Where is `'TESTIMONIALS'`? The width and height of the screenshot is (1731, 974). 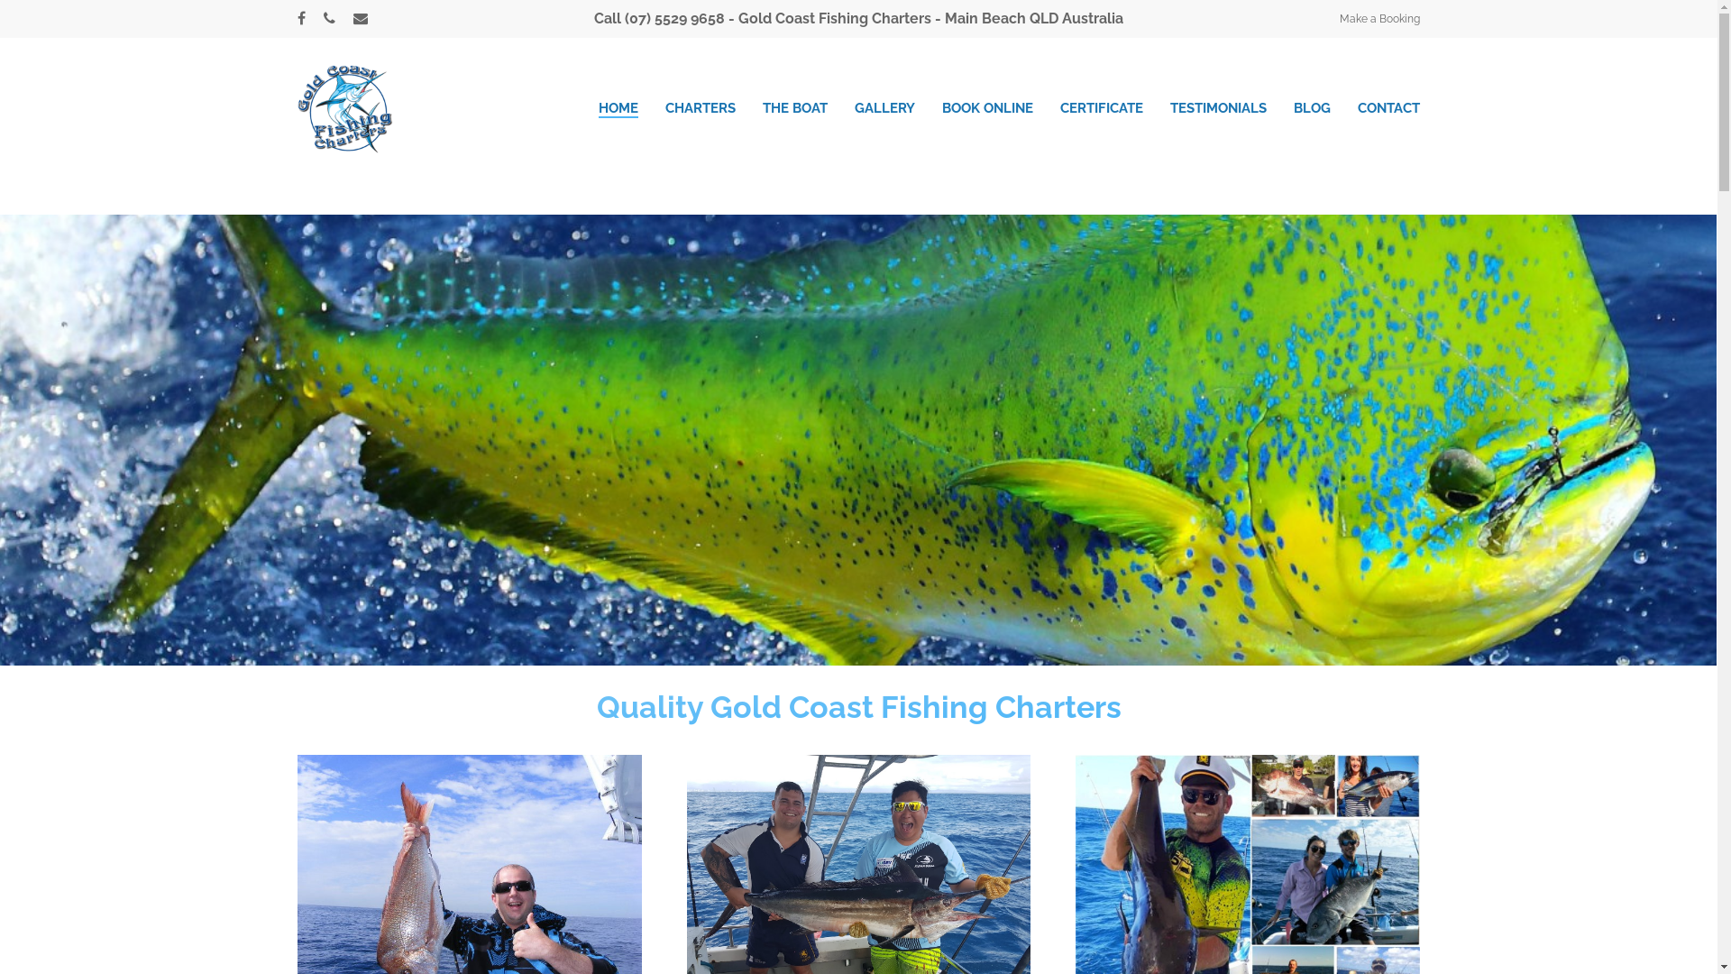
'TESTIMONIALS' is located at coordinates (1169, 107).